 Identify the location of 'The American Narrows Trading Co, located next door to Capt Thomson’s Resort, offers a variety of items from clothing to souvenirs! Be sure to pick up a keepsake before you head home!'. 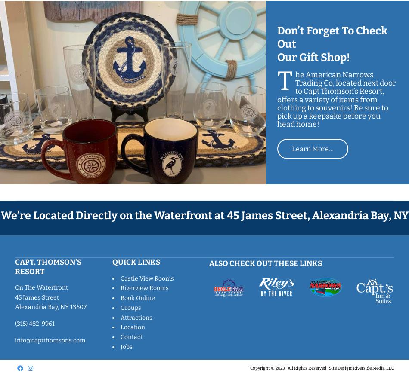
(336, 97).